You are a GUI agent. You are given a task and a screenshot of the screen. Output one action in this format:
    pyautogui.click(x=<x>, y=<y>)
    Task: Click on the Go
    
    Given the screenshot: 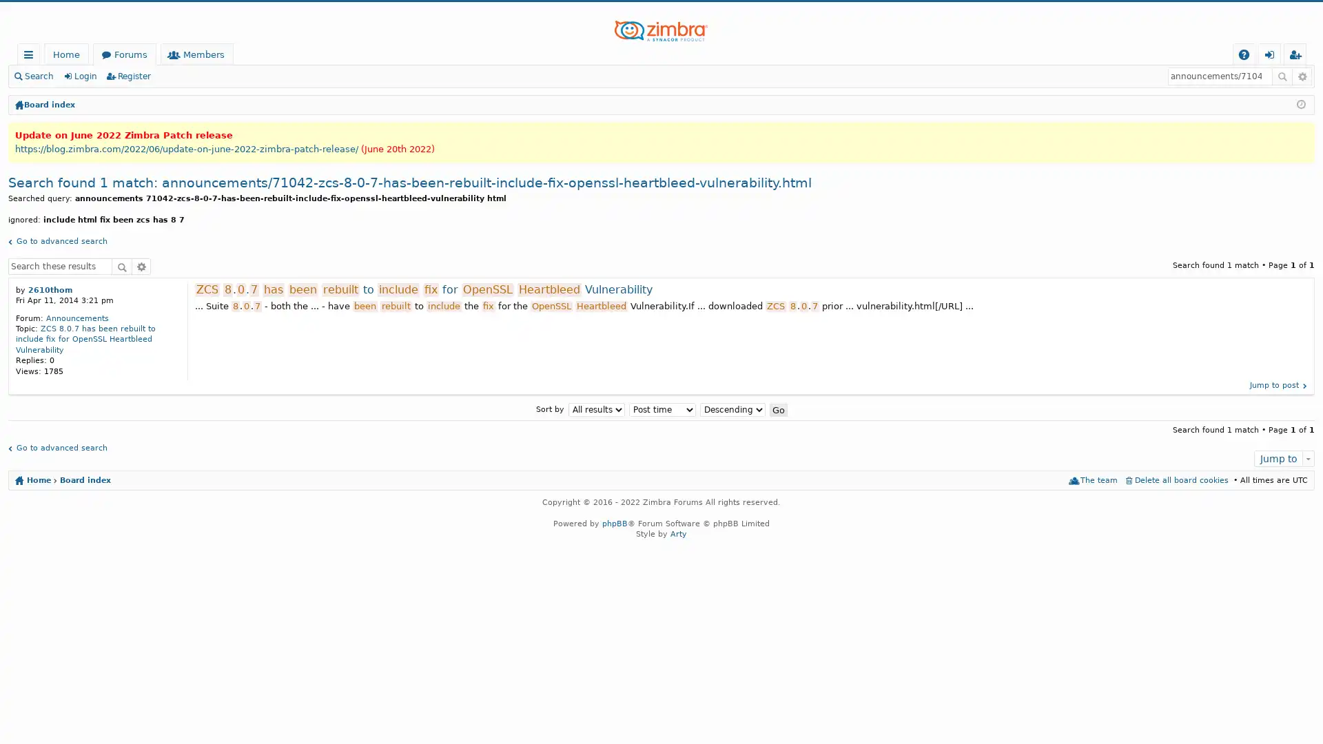 What is the action you would take?
    pyautogui.click(x=777, y=409)
    